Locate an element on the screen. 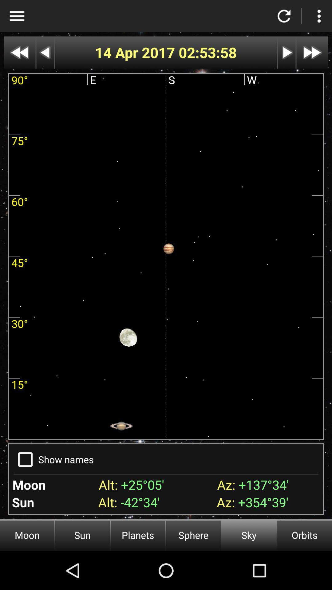 The height and width of the screenshot is (590, 332). 02:53:58 is located at coordinates (207, 53).